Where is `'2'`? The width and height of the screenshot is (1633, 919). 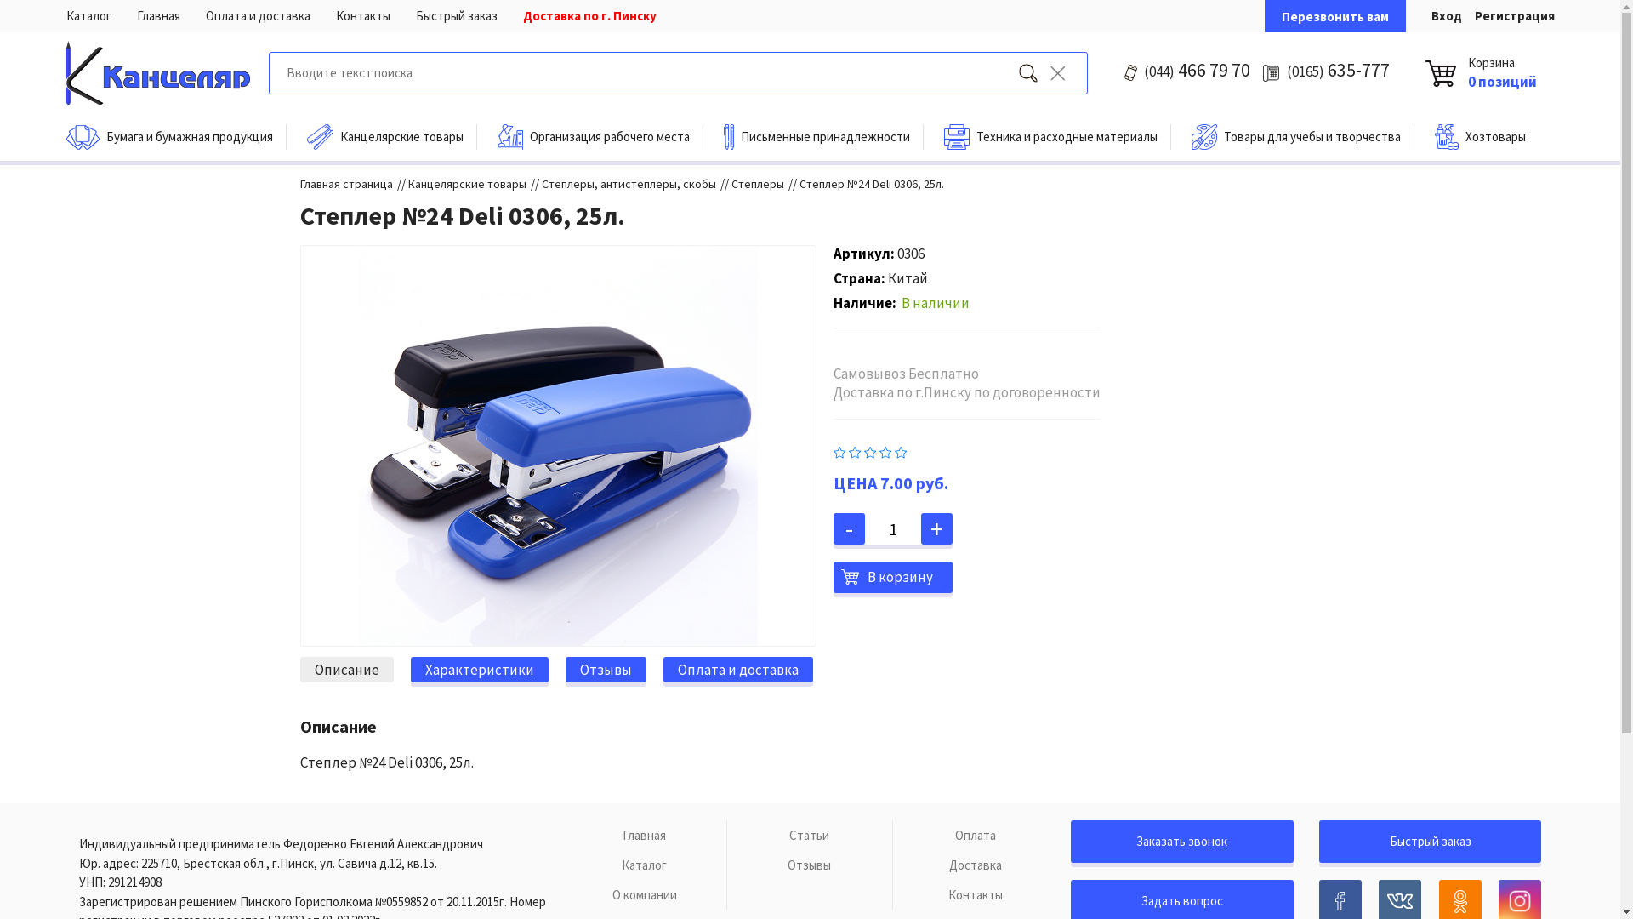 '2' is located at coordinates (849, 449).